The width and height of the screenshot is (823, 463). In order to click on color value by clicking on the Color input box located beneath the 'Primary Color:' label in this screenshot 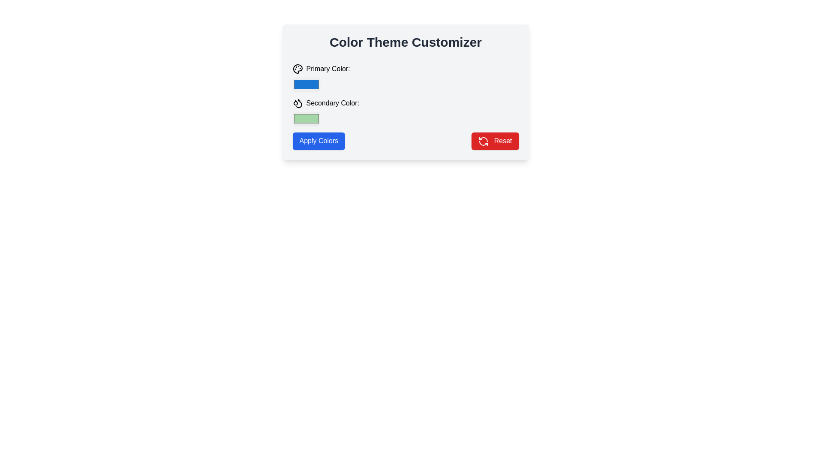, I will do `click(306, 84)`.